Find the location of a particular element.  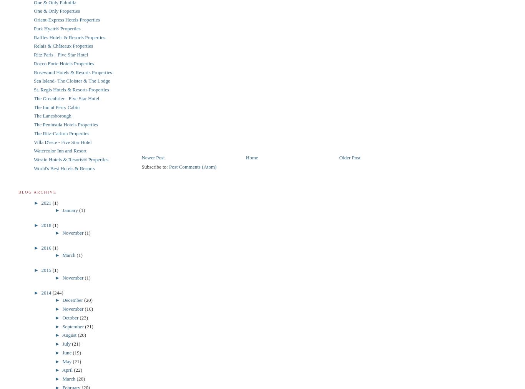

'Home' is located at coordinates (251, 157).